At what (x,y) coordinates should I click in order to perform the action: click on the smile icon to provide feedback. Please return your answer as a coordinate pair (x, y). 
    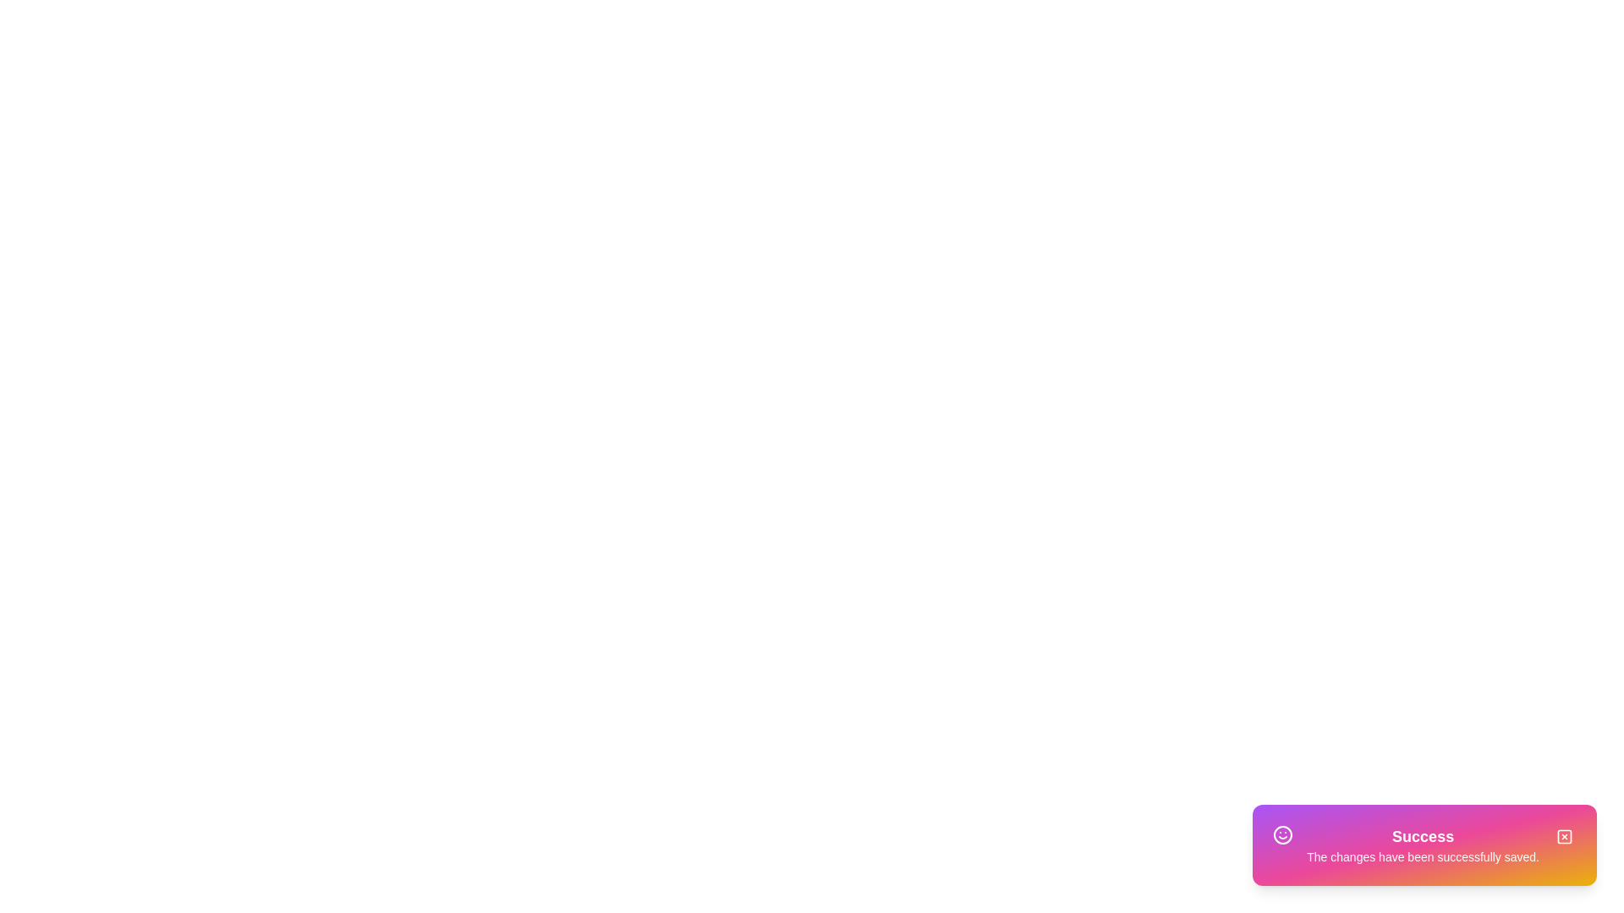
    Looking at the image, I should click on (1283, 834).